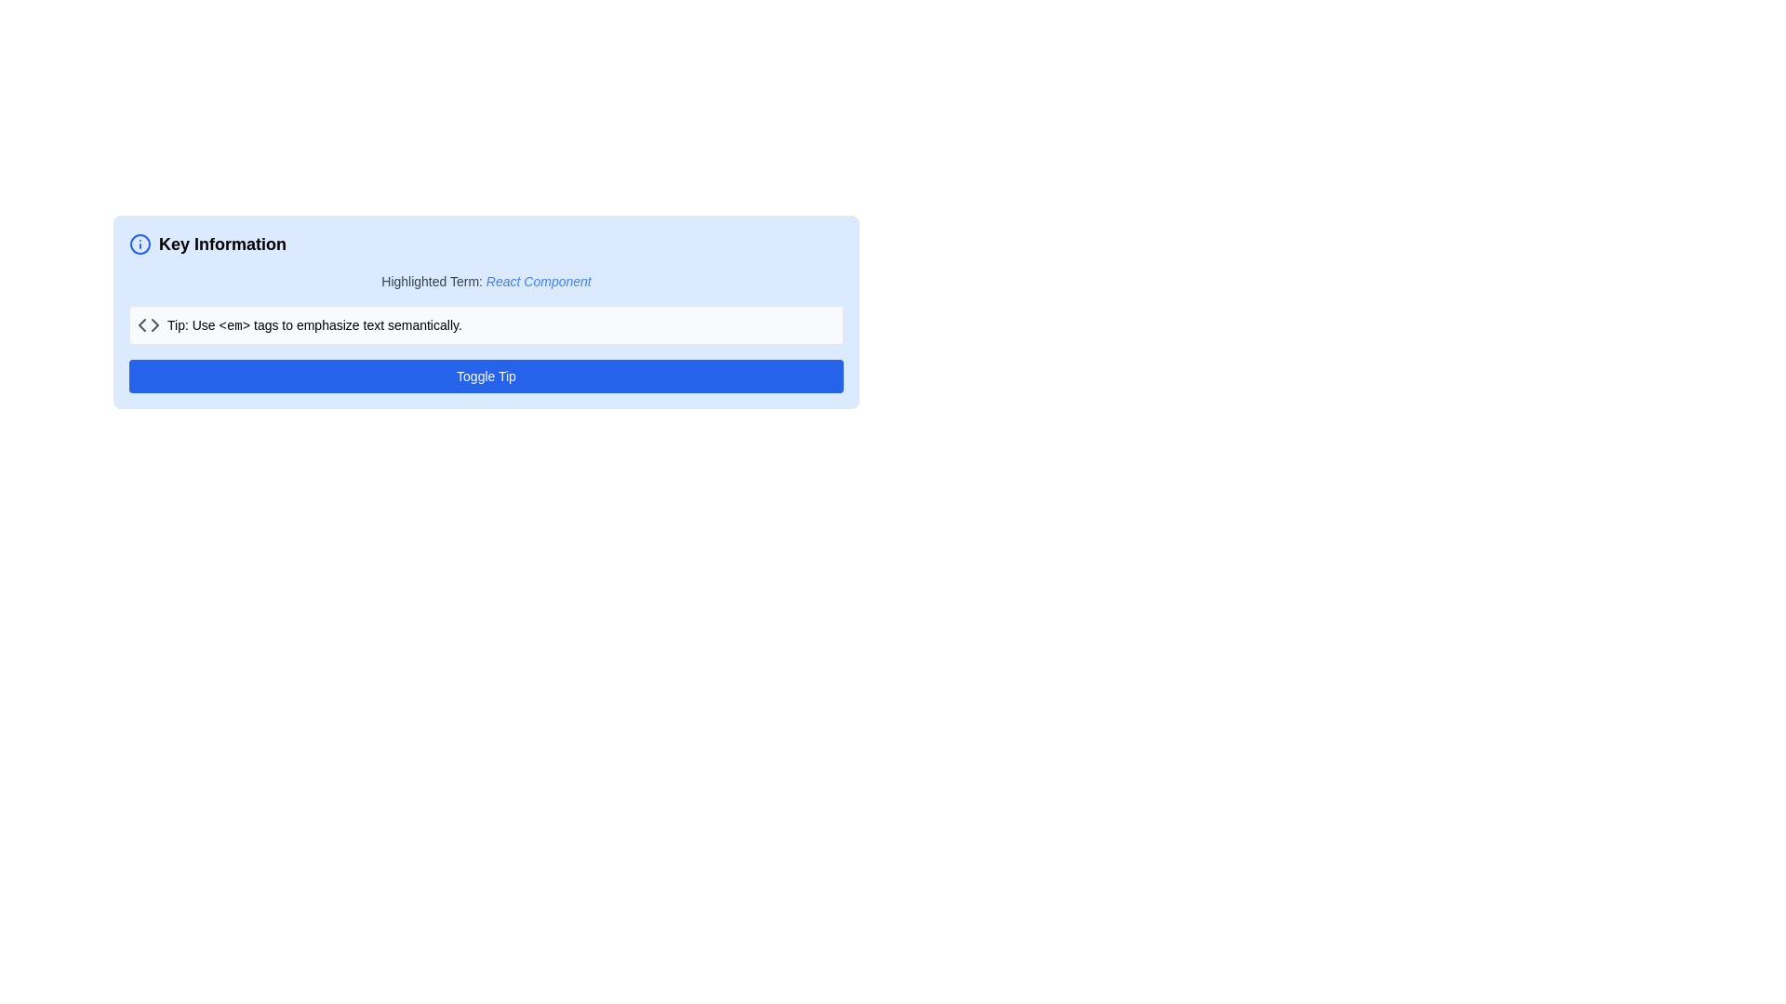  I want to click on the gray icon resembling a pair of angle brackets, which is located on the left side of a horizontal group preceding a text message that starts with 'Tip: Use <em>', so click(147, 324).